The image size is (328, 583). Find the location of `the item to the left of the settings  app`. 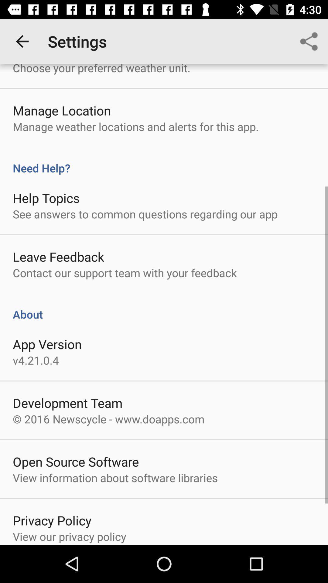

the item to the left of the settings  app is located at coordinates (22, 41).